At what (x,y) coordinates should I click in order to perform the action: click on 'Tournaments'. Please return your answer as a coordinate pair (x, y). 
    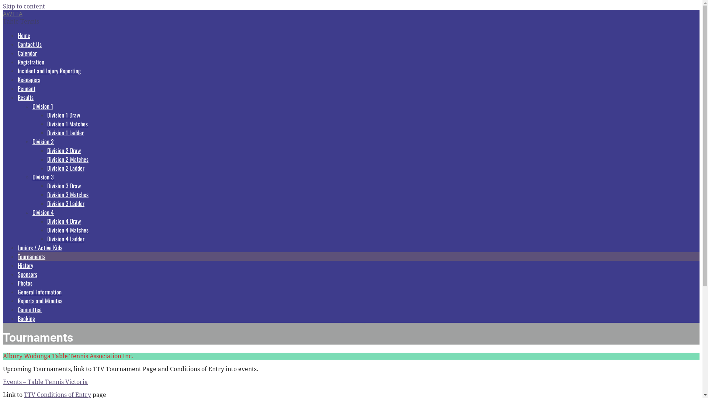
    Looking at the image, I should click on (31, 256).